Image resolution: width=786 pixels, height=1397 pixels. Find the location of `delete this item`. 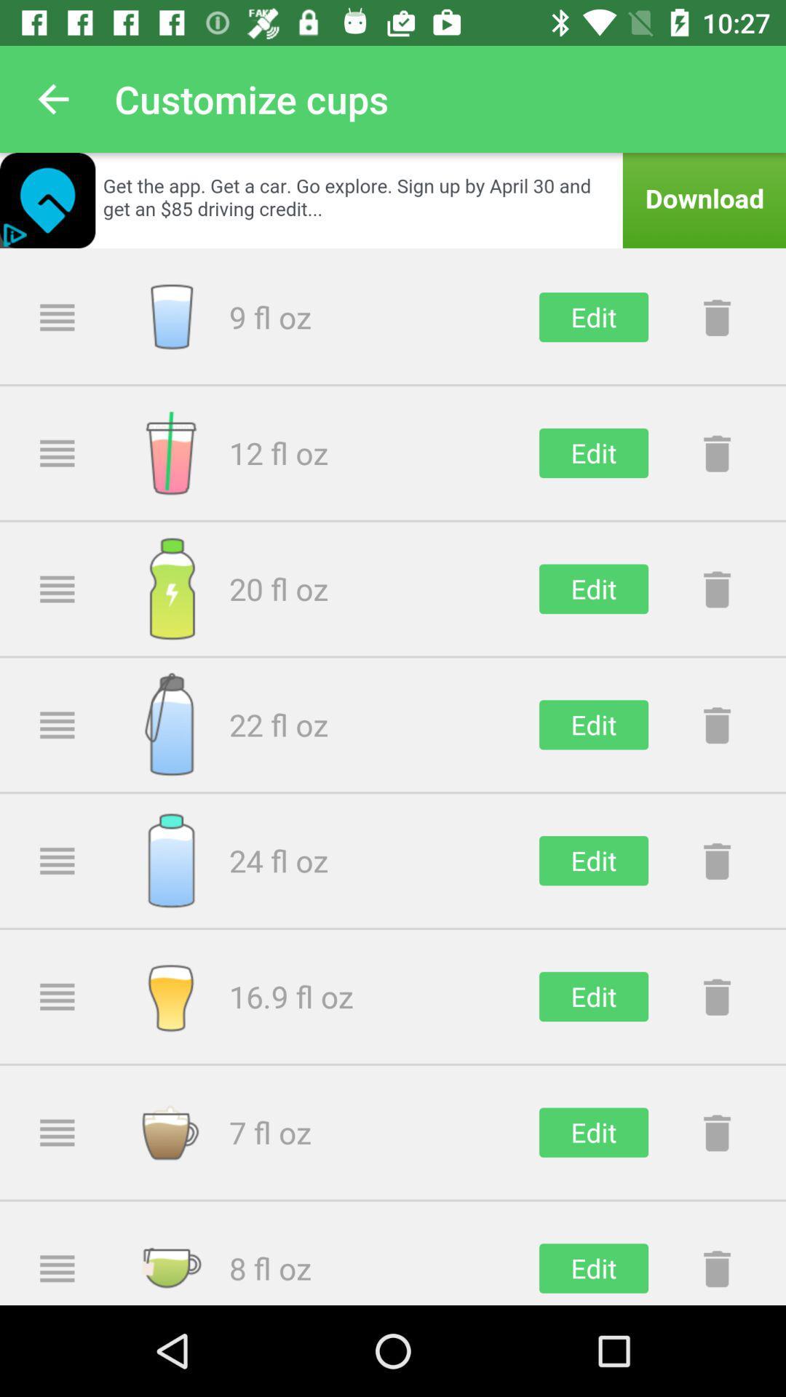

delete this item is located at coordinates (716, 589).